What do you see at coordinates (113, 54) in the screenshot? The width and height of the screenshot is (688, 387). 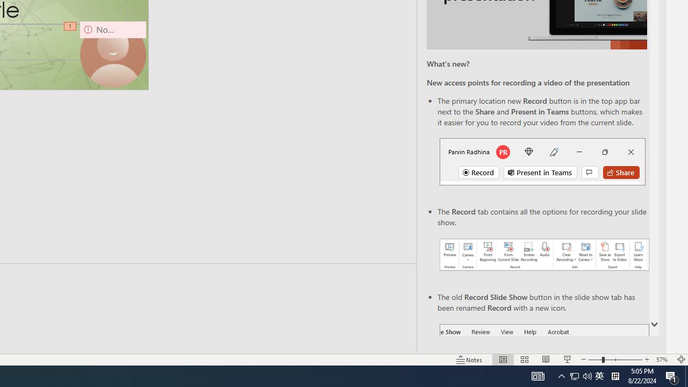 I see `'Camera 9, No camera detected.'` at bounding box center [113, 54].